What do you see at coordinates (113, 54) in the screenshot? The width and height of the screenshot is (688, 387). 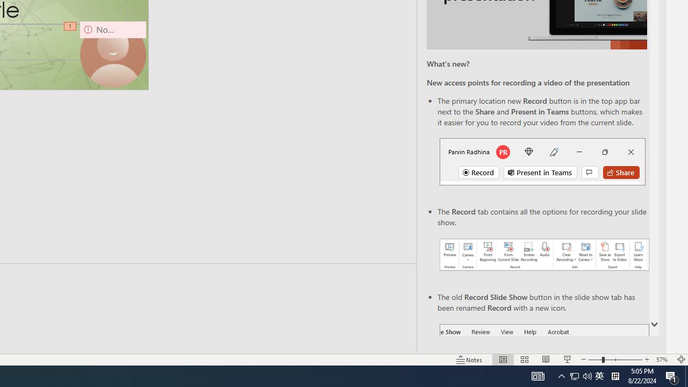 I see `'Camera 9, No camera detected.'` at bounding box center [113, 54].